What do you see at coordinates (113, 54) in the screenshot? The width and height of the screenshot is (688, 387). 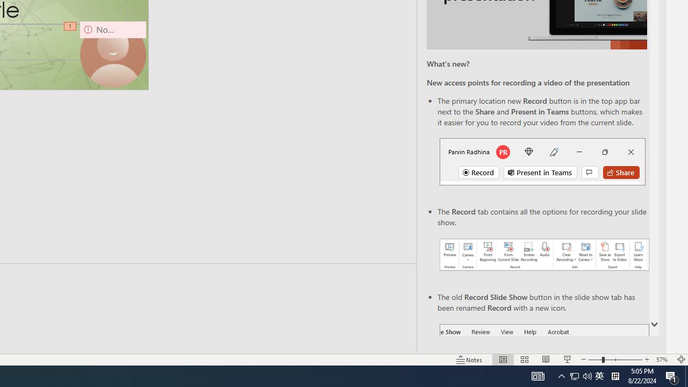 I see `'Camera 9, No camera detected.'` at bounding box center [113, 54].